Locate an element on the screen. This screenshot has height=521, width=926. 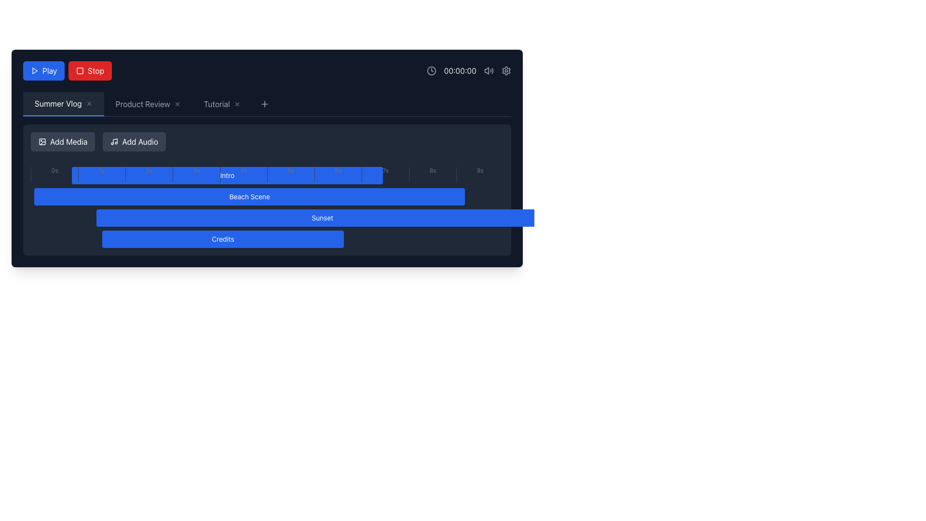
the circular gray clock icon with a minimalistic design that has two hands indicating time is located at coordinates (431, 70).